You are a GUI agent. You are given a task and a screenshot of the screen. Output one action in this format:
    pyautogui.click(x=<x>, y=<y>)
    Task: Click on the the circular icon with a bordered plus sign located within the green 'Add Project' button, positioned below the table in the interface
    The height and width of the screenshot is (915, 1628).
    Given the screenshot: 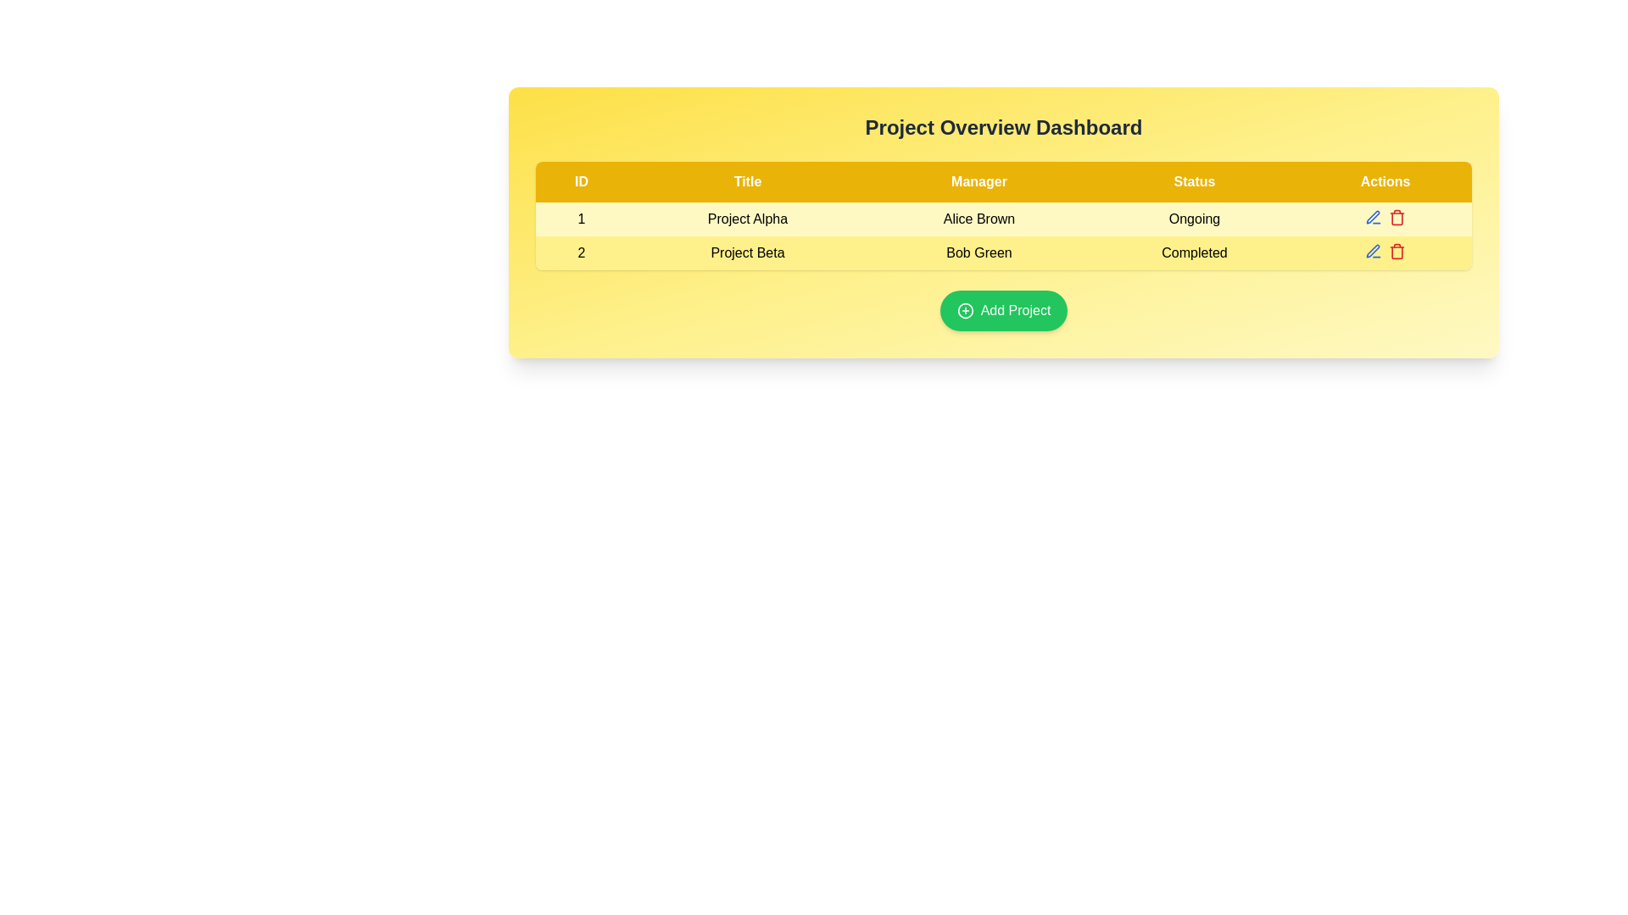 What is the action you would take?
    pyautogui.click(x=965, y=310)
    